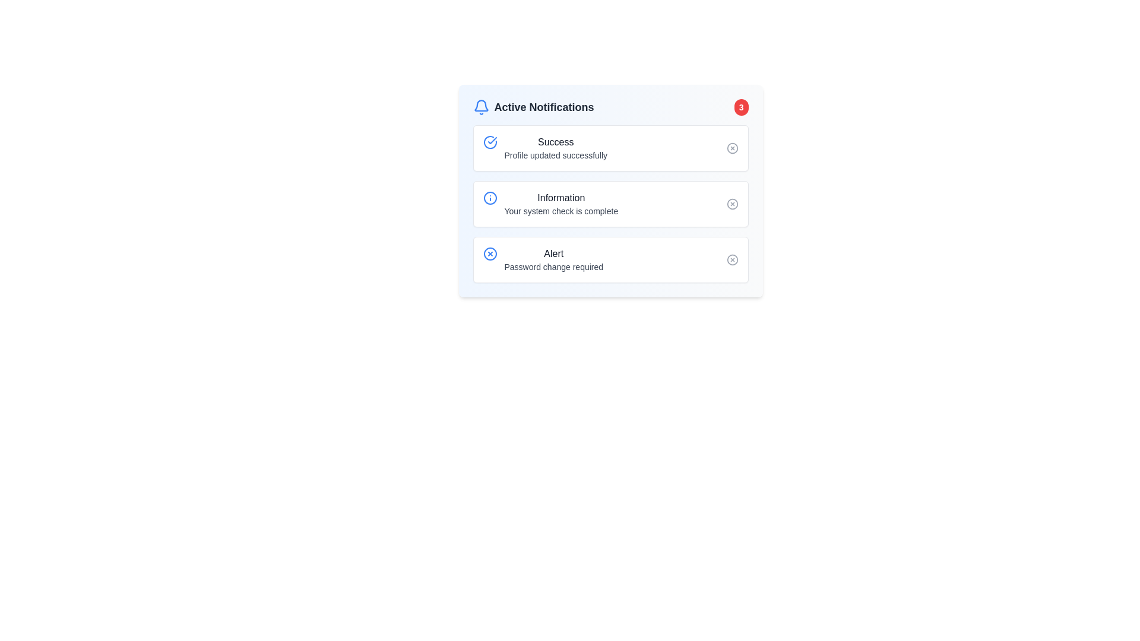  What do you see at coordinates (490, 198) in the screenshot?
I see `the information icon, which is a round blue icon with a lowercase 'i' centered in it, located to the left of the 'Information' text in the second notification item` at bounding box center [490, 198].